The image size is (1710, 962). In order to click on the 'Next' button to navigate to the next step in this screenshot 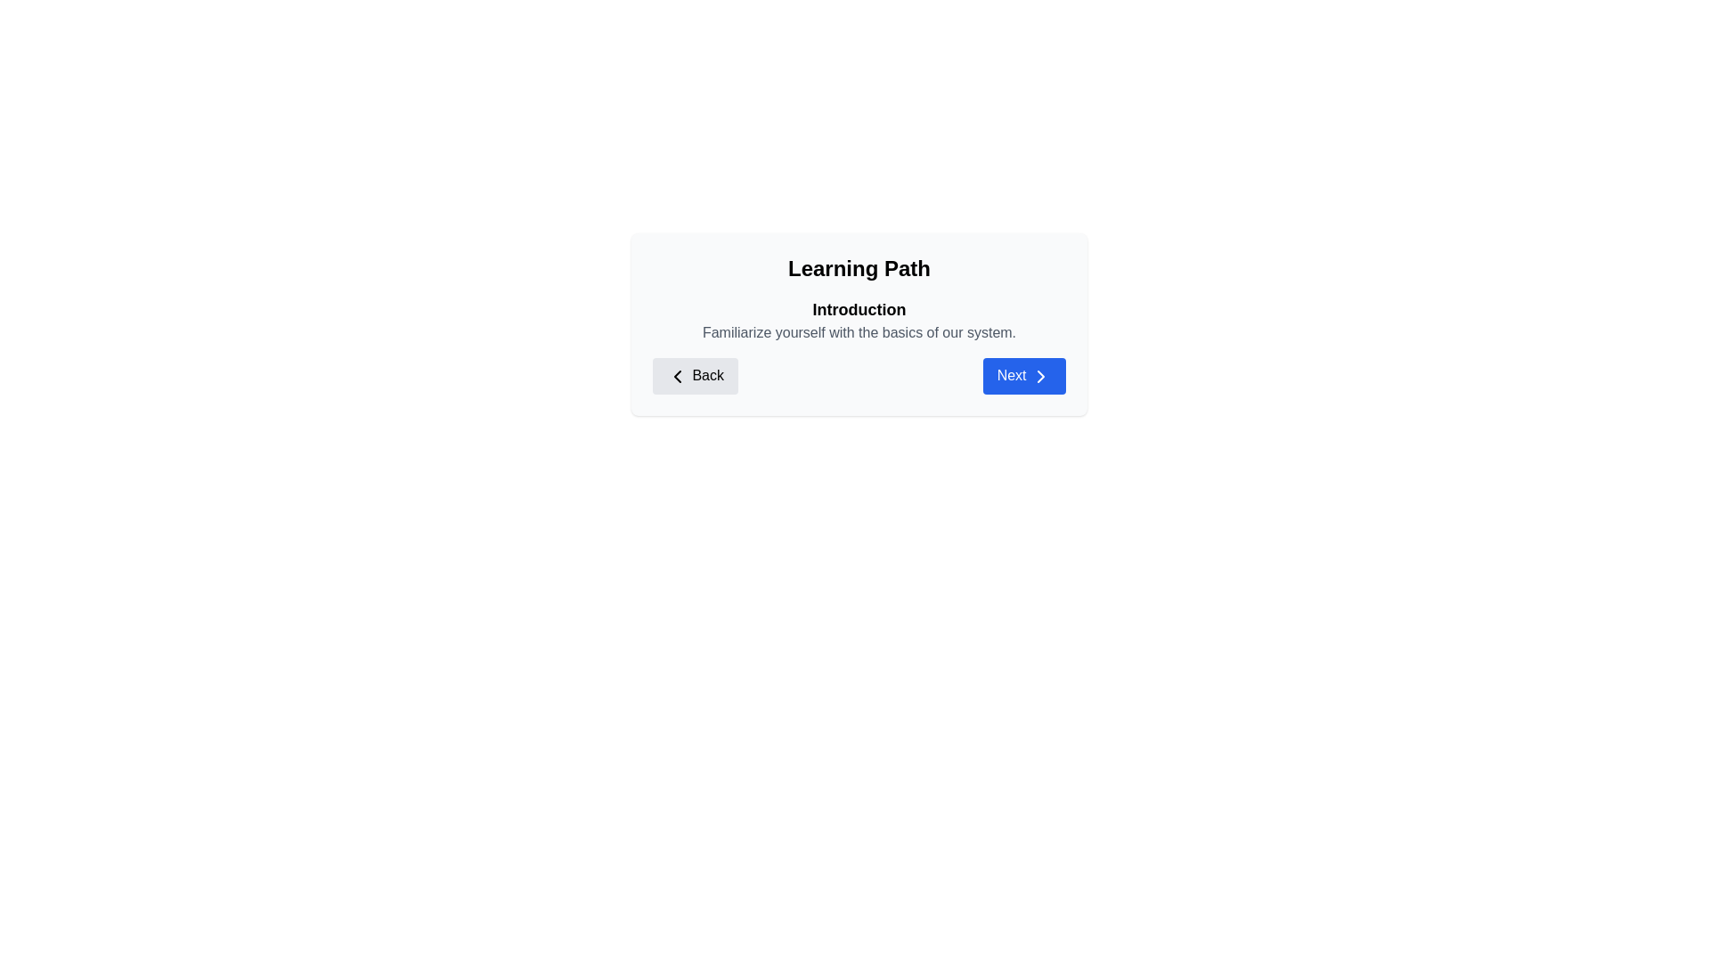, I will do `click(1024, 374)`.